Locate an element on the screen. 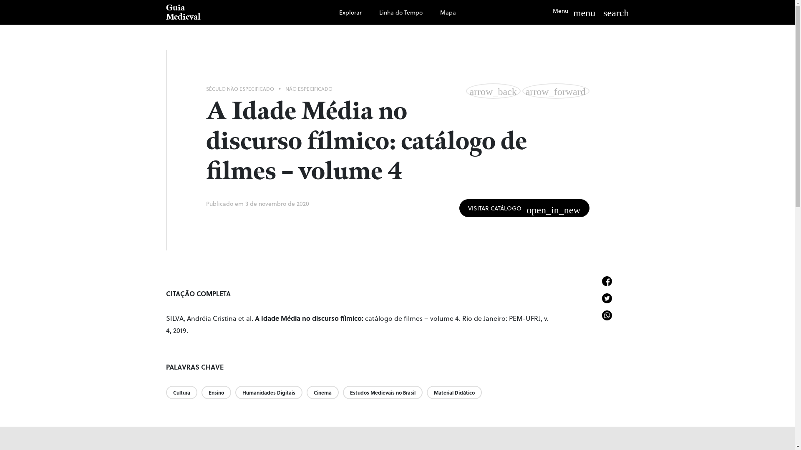 Image resolution: width=801 pixels, height=450 pixels. 'Explorar' is located at coordinates (350, 12).